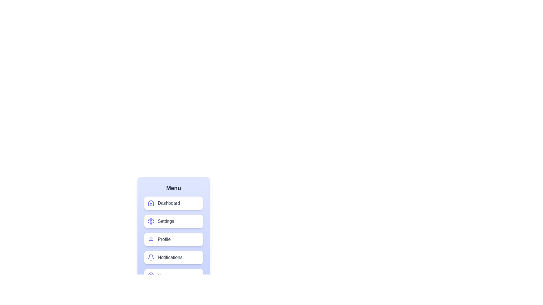  What do you see at coordinates (173, 203) in the screenshot?
I see `the first button in the vertical menu structure located below the 'Menu' title` at bounding box center [173, 203].